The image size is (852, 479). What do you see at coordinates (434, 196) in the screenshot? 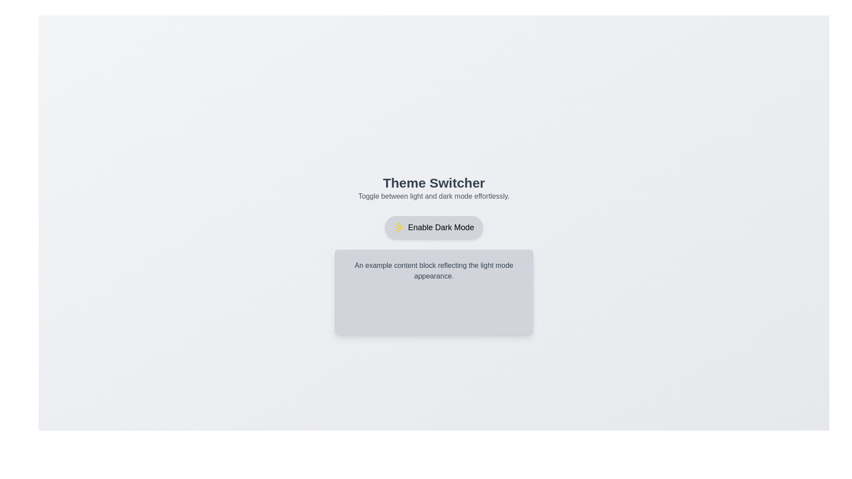
I see `the static text label that describes the functionality of the 'Theme Switcher' section, which is centrally aligned below the title 'Theme Switcher'` at bounding box center [434, 196].